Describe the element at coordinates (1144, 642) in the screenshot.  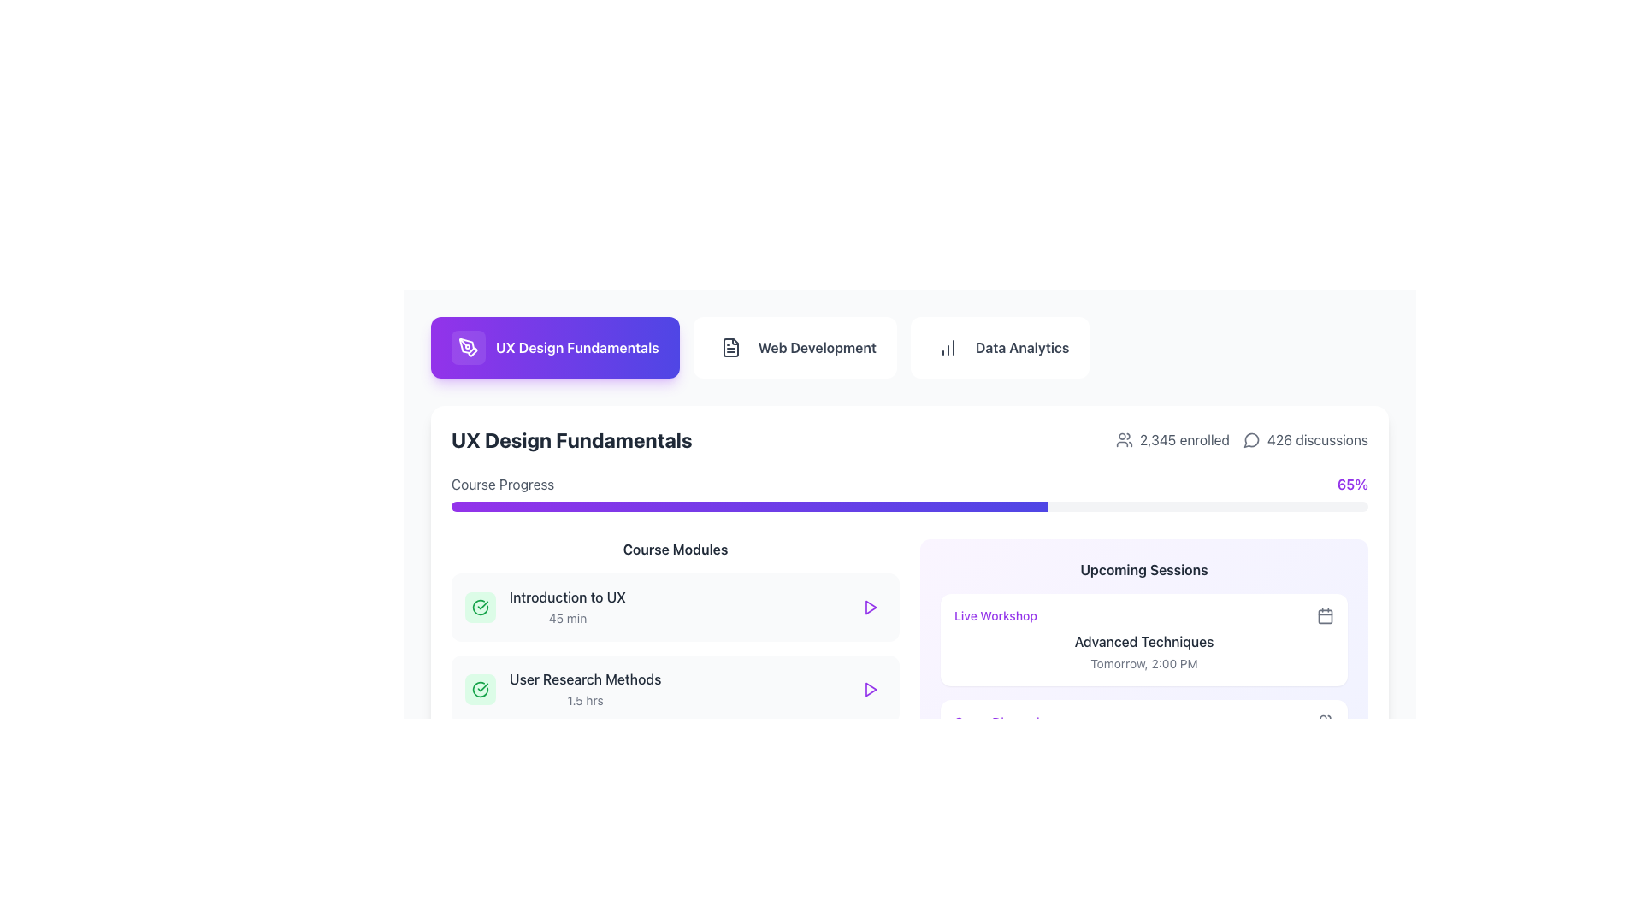
I see `the title text of the event or module located in the 'Upcoming Sessions' section, which is positioned second among its sibling components, below 'Live Workshop' and above 'Tomorrow, 2:00 PM'` at that location.